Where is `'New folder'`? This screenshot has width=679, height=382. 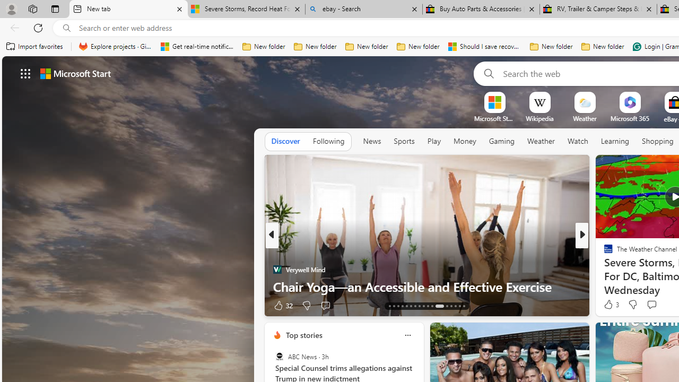 'New folder' is located at coordinates (603, 46).